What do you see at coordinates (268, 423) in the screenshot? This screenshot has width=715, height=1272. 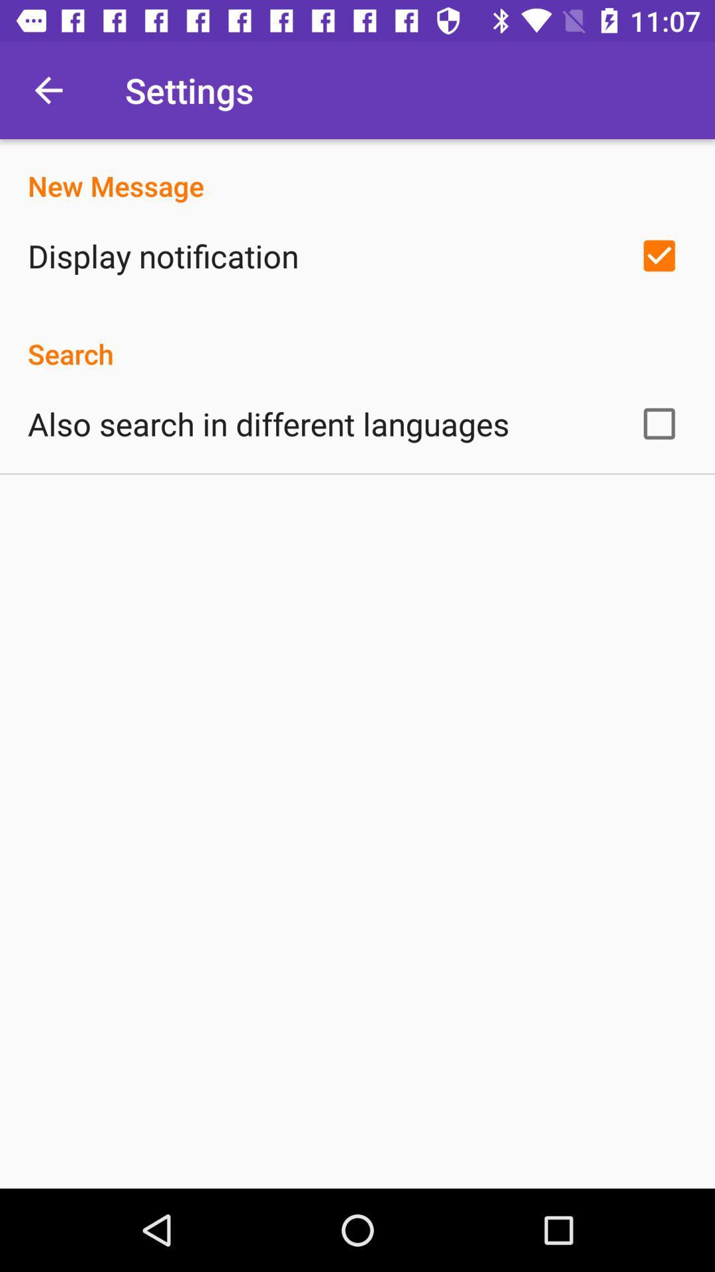 I see `the item below the search` at bounding box center [268, 423].